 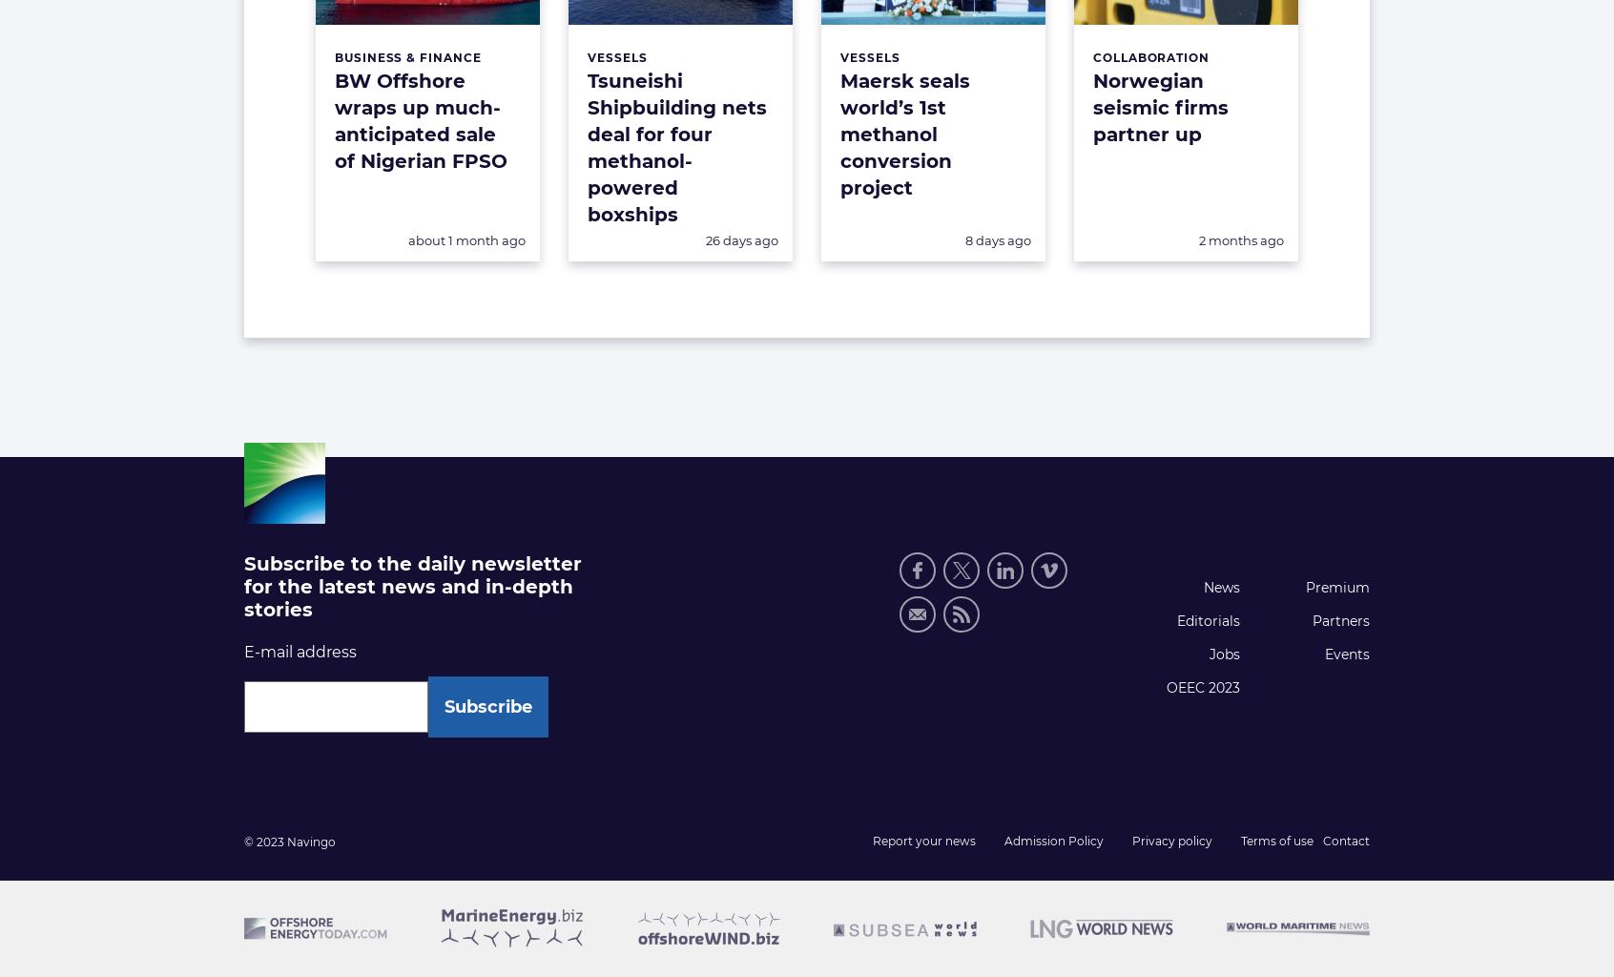 What do you see at coordinates (675, 147) in the screenshot?
I see `'Tsuneishi Shipbuilding nets deal for four methanol-powered boxships'` at bounding box center [675, 147].